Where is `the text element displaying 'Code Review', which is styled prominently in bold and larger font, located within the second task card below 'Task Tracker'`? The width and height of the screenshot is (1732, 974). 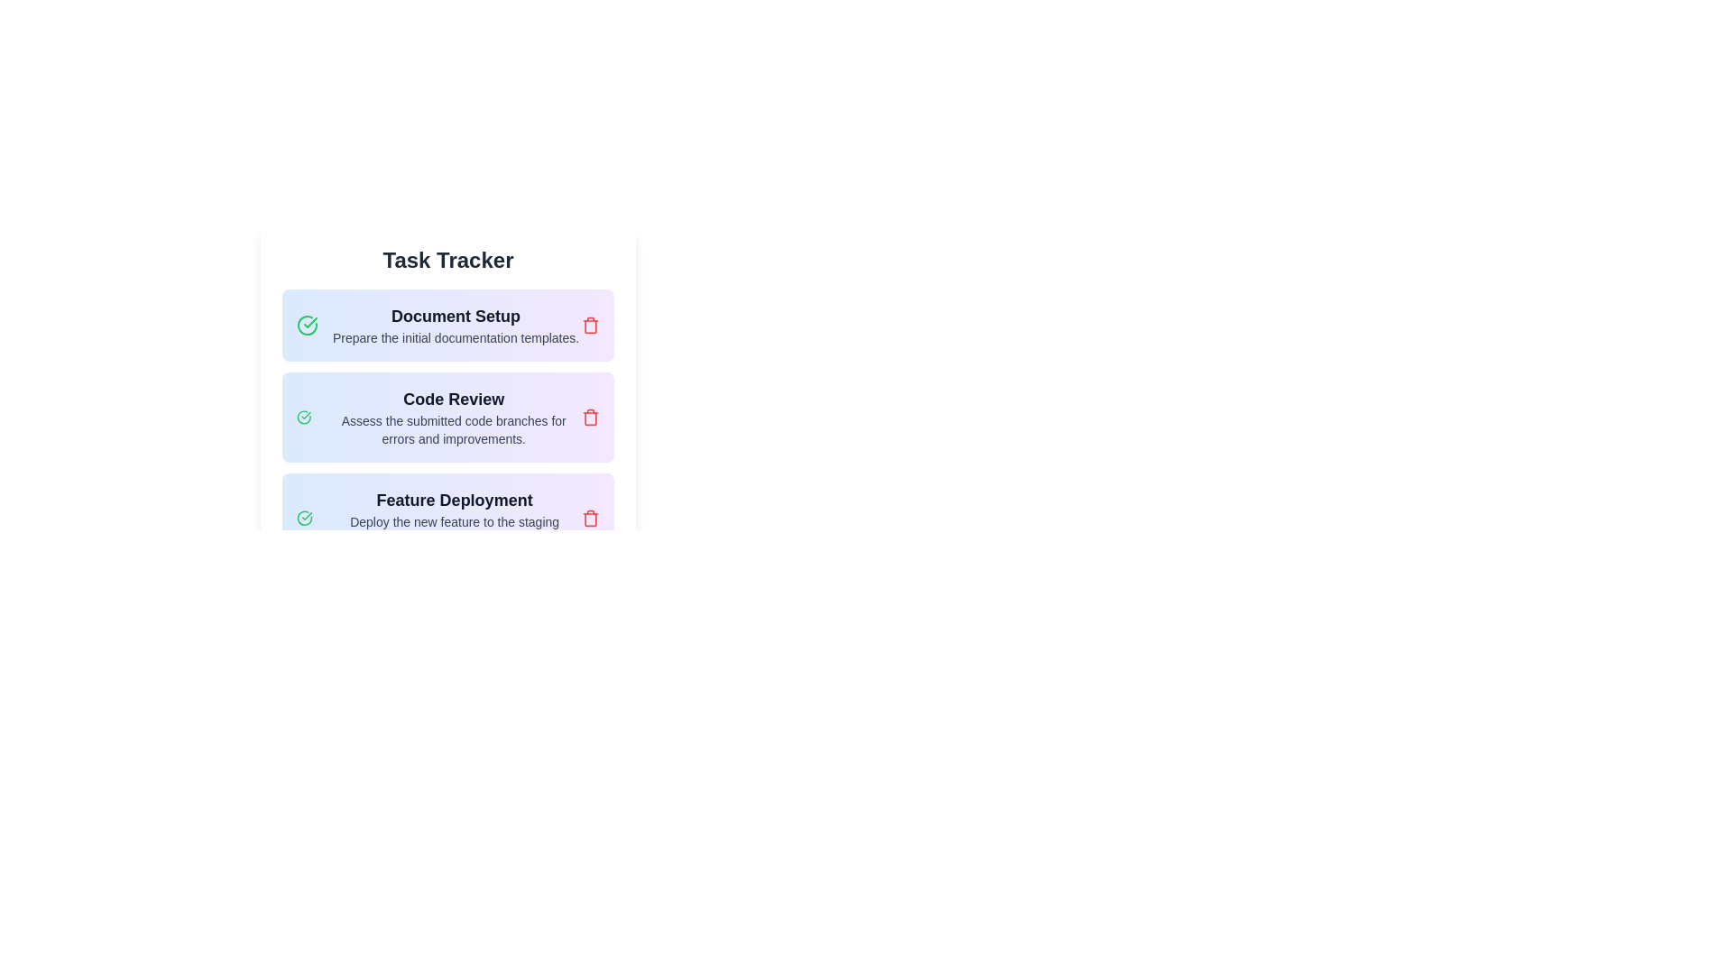
the text element displaying 'Code Review', which is styled prominently in bold and larger font, located within the second task card below 'Task Tracker' is located at coordinates (454, 399).